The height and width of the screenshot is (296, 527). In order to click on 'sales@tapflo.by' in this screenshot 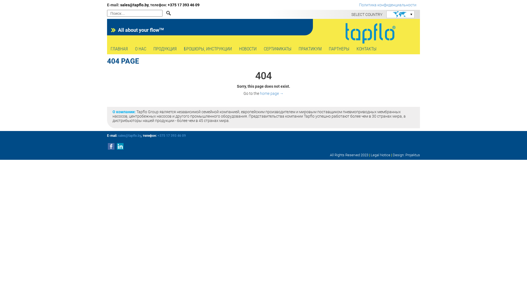, I will do `click(134, 5)`.